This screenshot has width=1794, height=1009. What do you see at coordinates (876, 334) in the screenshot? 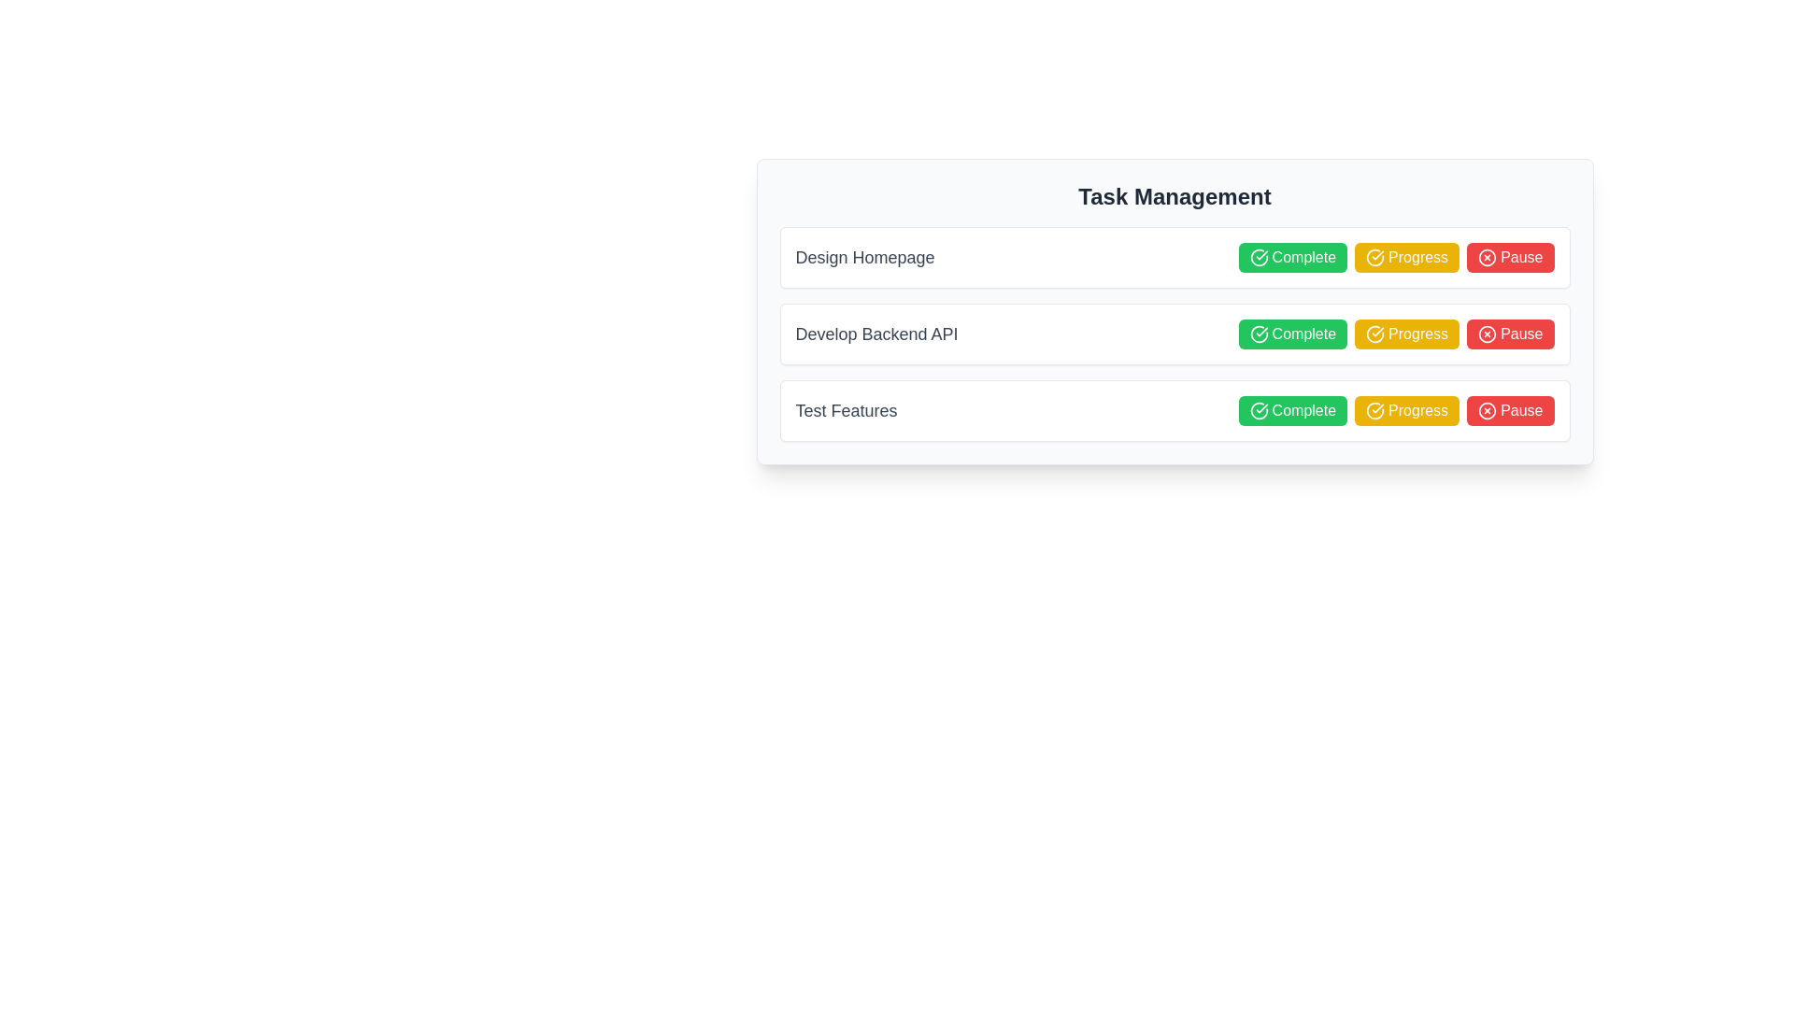
I see `the text label 'Develop Backend API' which is styled with a large font size and medium weight, located in the middle row of a task list card layout` at bounding box center [876, 334].